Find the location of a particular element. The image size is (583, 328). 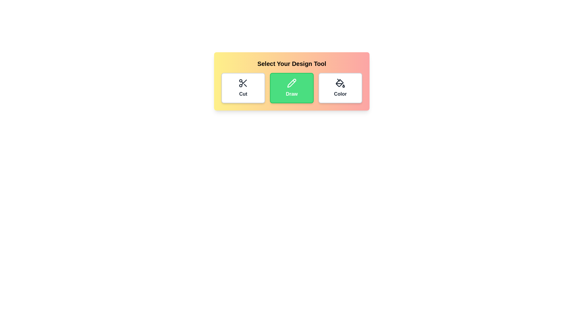

the icon of the tool labeled Draw to toggle its selection state is located at coordinates (291, 88).